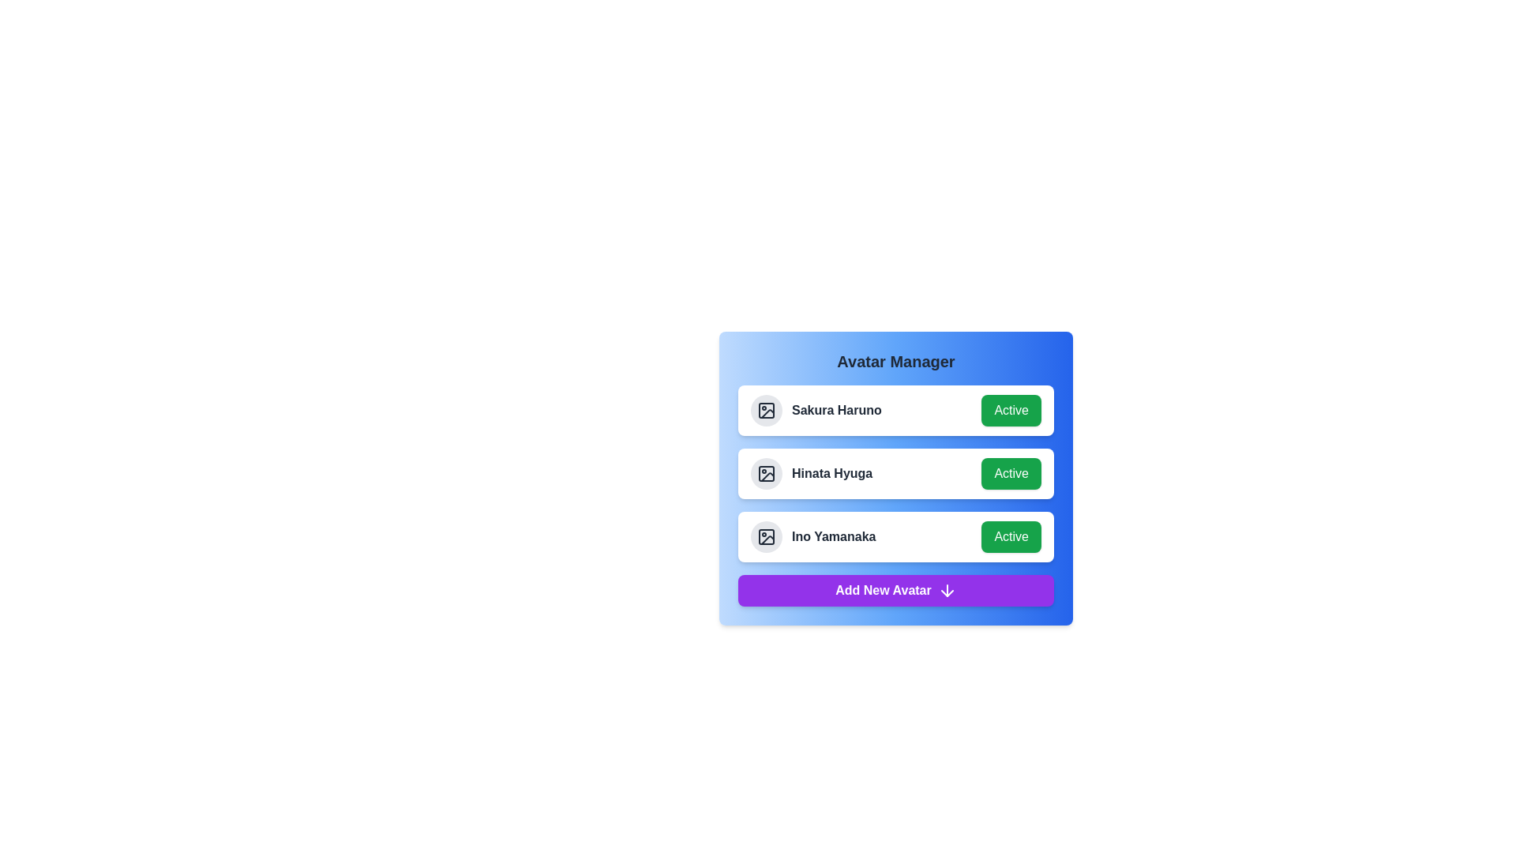 The width and height of the screenshot is (1516, 853). What do you see at coordinates (1011, 473) in the screenshot?
I see `the green 'Active' button with rounded corners, labeled in white` at bounding box center [1011, 473].